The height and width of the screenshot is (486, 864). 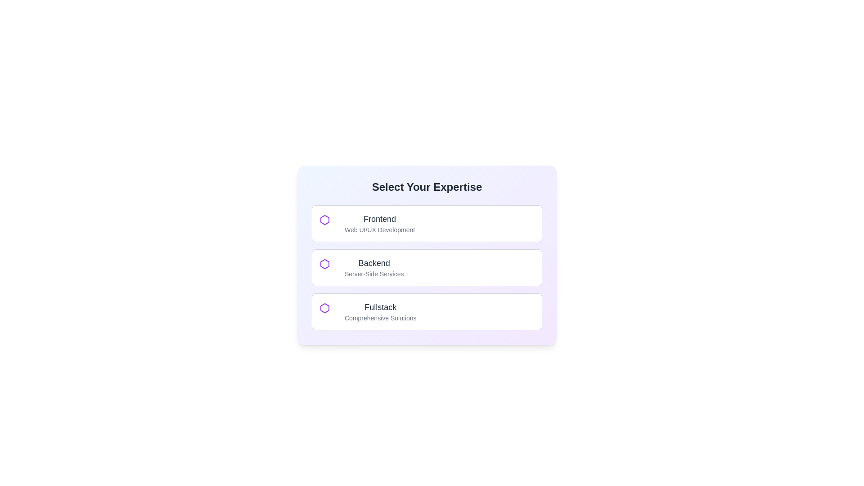 What do you see at coordinates (380, 229) in the screenshot?
I see `the descriptive text label that provides information about the 'Frontend' selection option, which is positioned below the 'Frontend' text` at bounding box center [380, 229].